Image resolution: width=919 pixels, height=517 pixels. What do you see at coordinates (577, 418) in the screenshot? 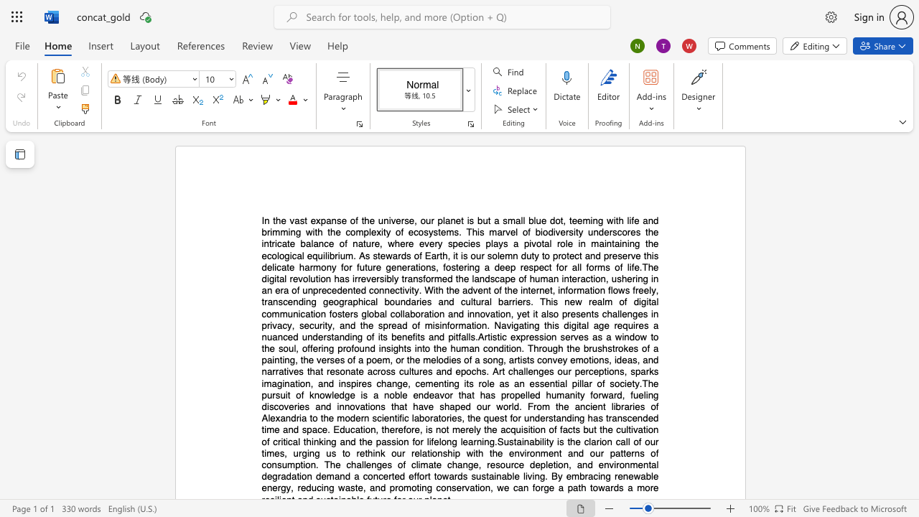
I see `the 17th character "n" in the text` at bounding box center [577, 418].